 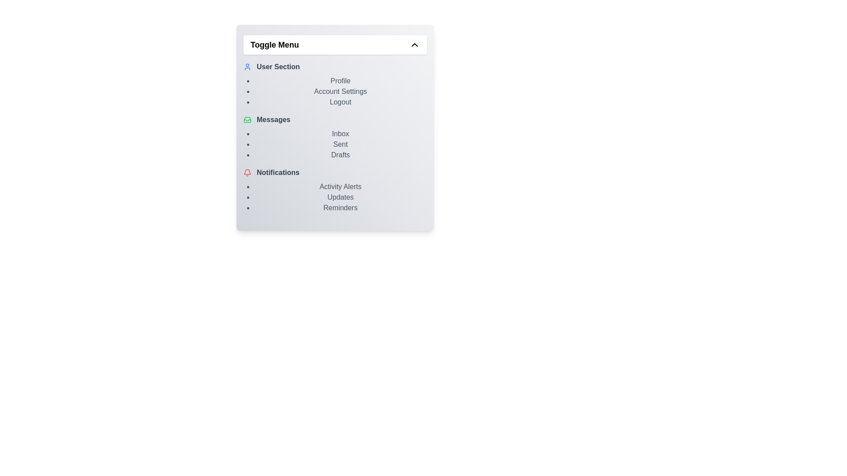 I want to click on the element labeled 'User Section' to observe its hover effect, so click(x=334, y=66).